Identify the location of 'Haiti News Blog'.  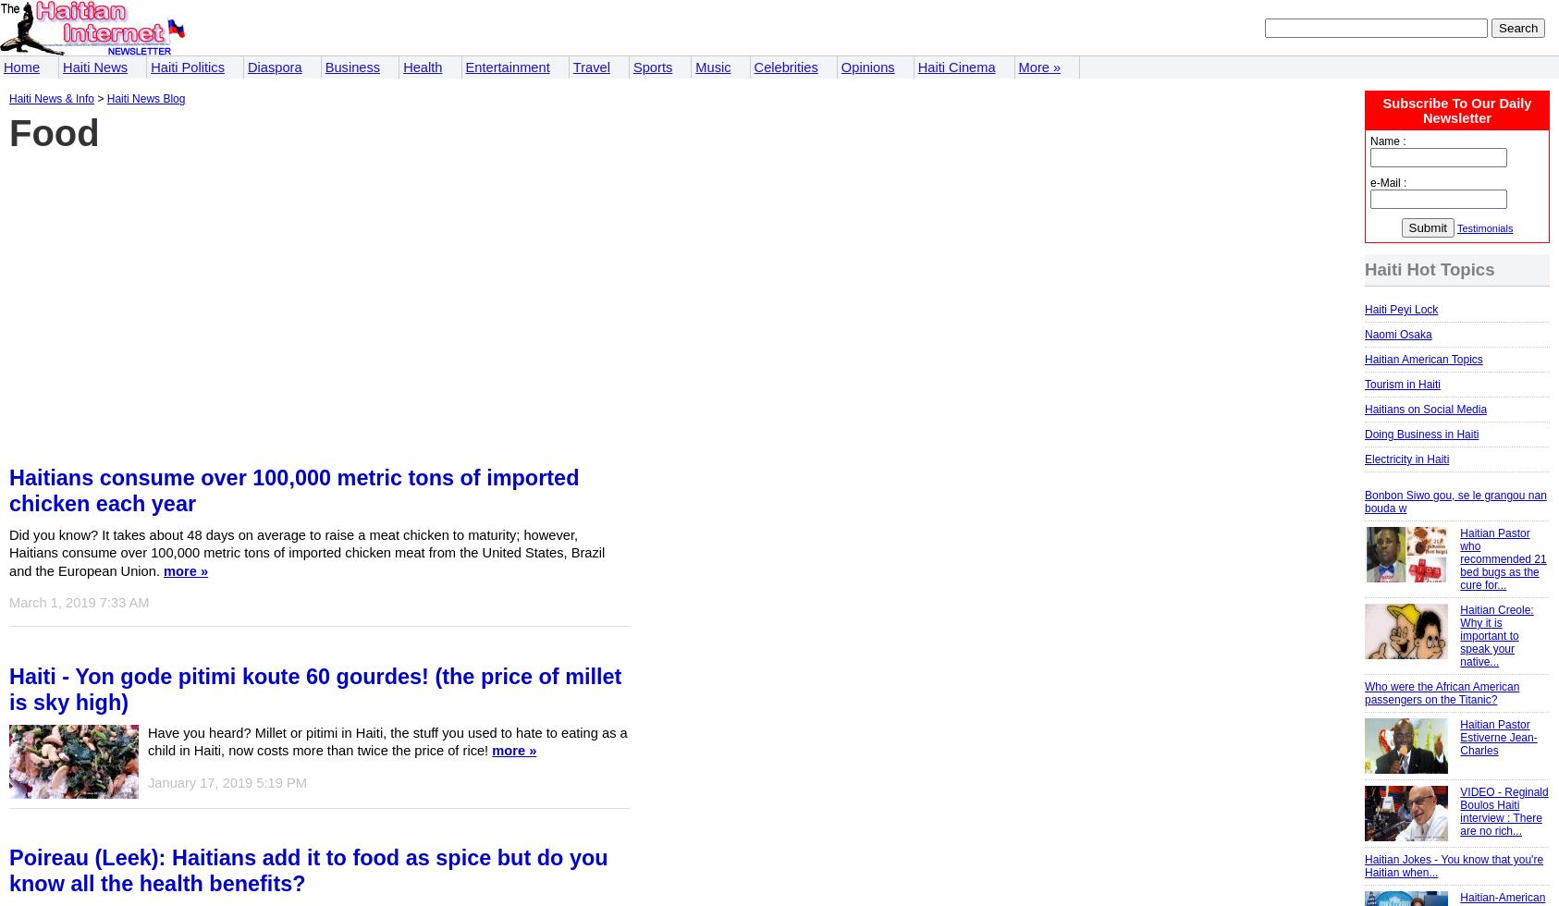
(104, 99).